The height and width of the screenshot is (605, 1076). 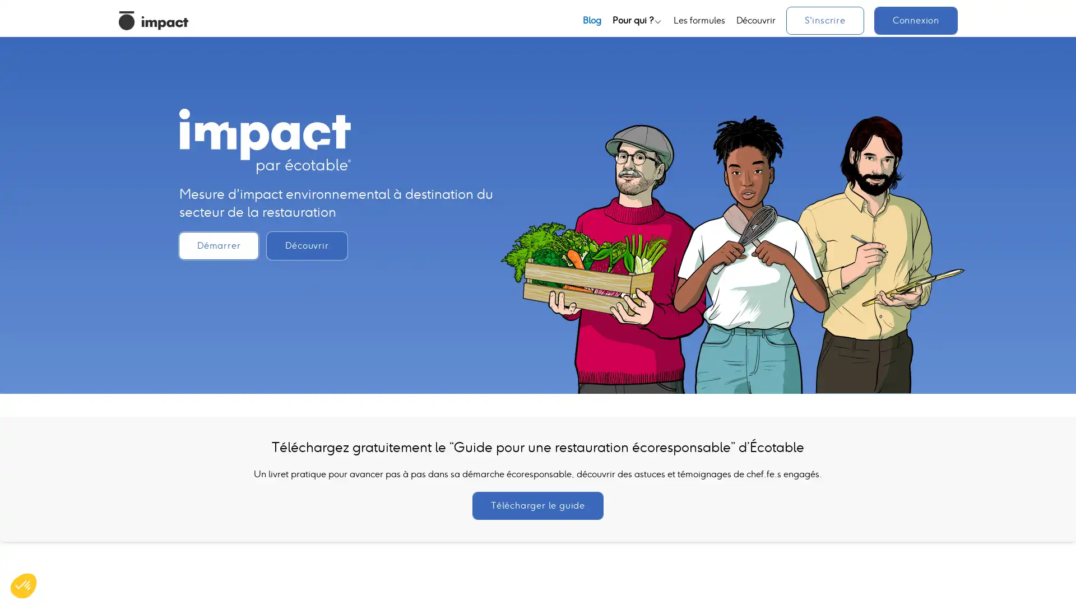 What do you see at coordinates (50, 548) in the screenshot?
I see `Non merci` at bounding box center [50, 548].